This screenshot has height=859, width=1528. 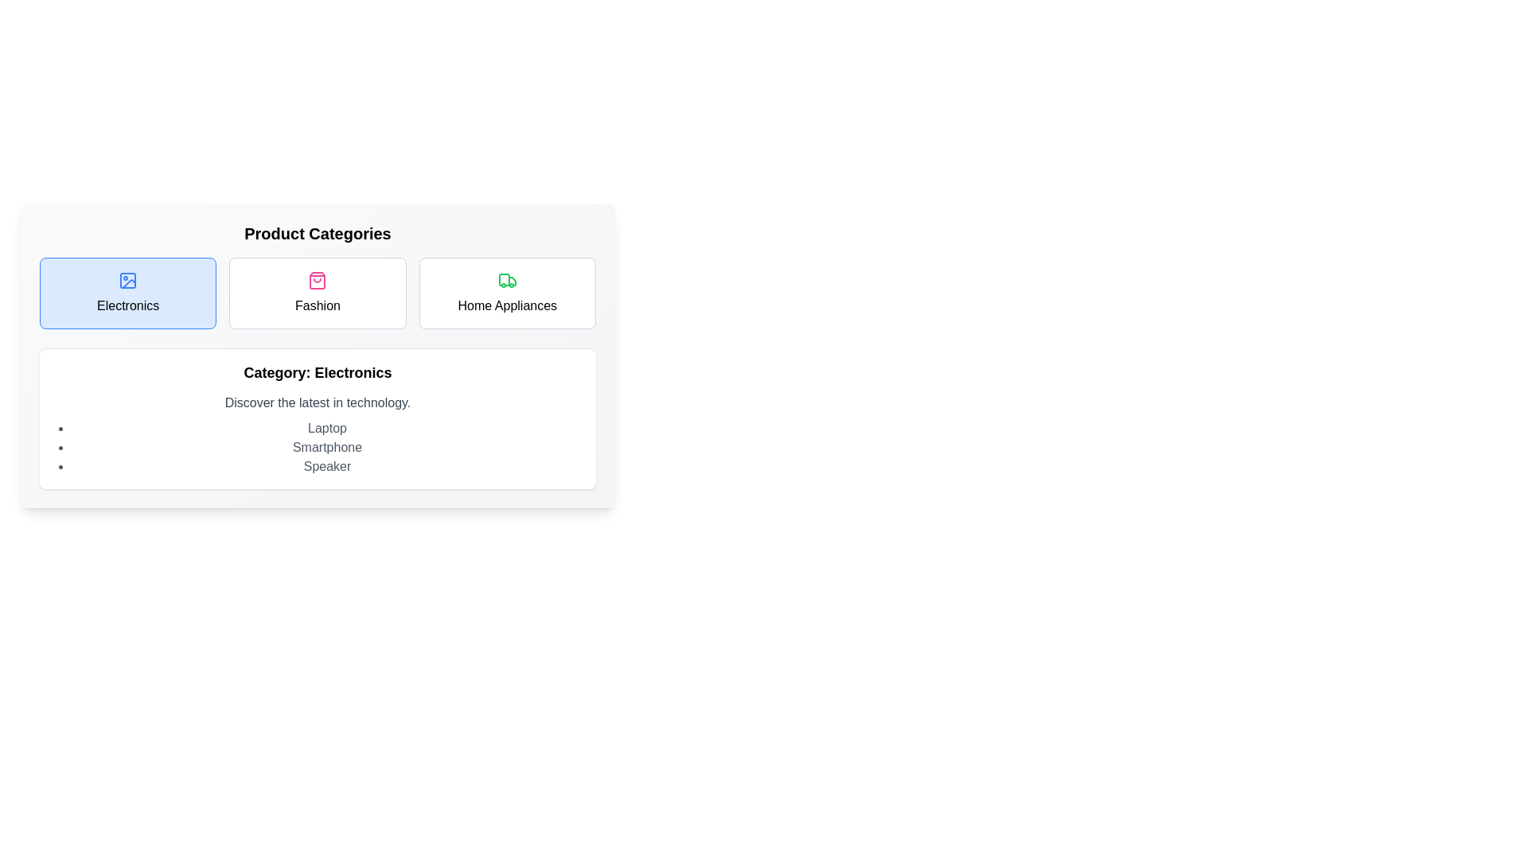 What do you see at coordinates (318, 306) in the screenshot?
I see `the 'Fashion' category label which is centrally positioned within its card, located directly below a shopping bag icon` at bounding box center [318, 306].